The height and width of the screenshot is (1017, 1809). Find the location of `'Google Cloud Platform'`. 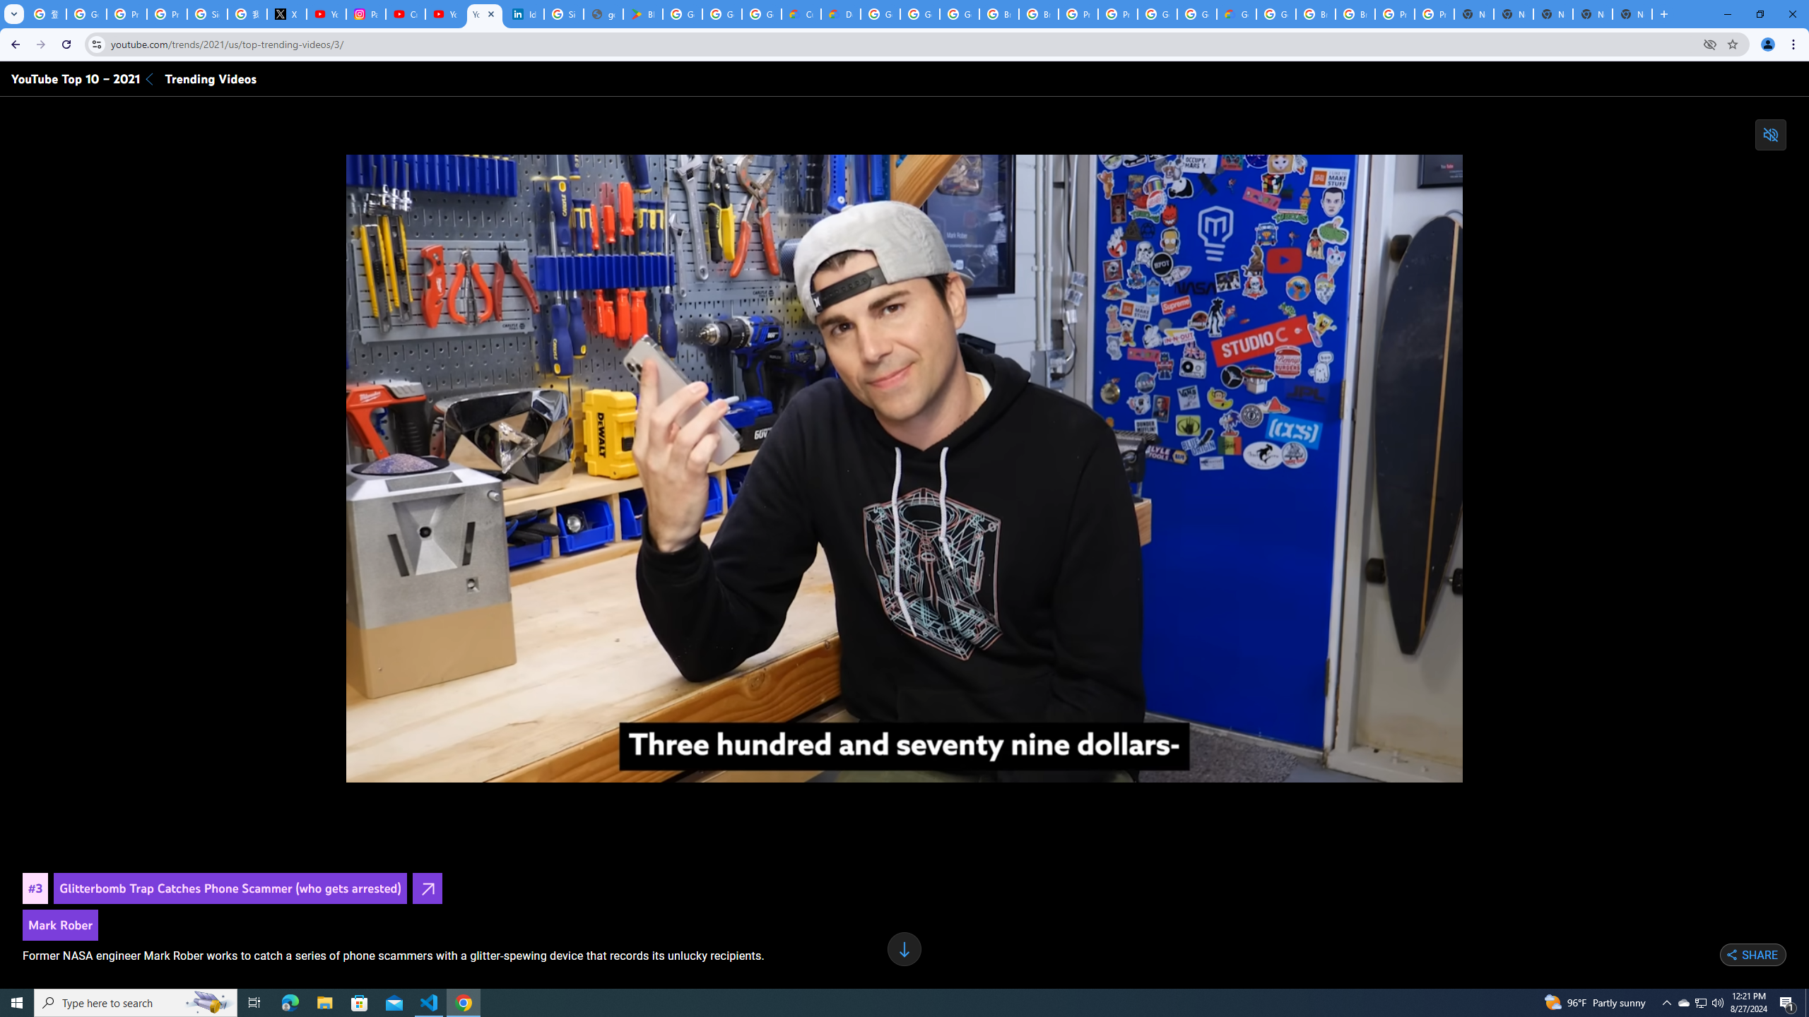

'Google Cloud Platform' is located at coordinates (1156, 13).